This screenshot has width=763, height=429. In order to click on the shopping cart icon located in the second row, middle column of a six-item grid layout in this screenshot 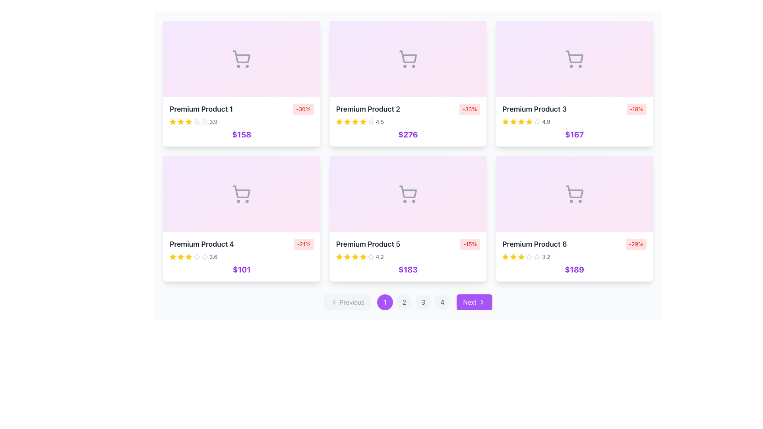, I will do `click(408, 192)`.